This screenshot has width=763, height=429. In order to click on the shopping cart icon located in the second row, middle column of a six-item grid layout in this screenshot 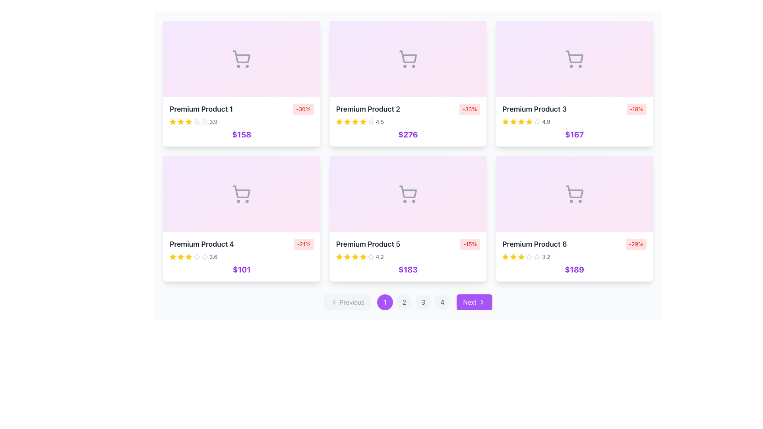, I will do `click(408, 192)`.